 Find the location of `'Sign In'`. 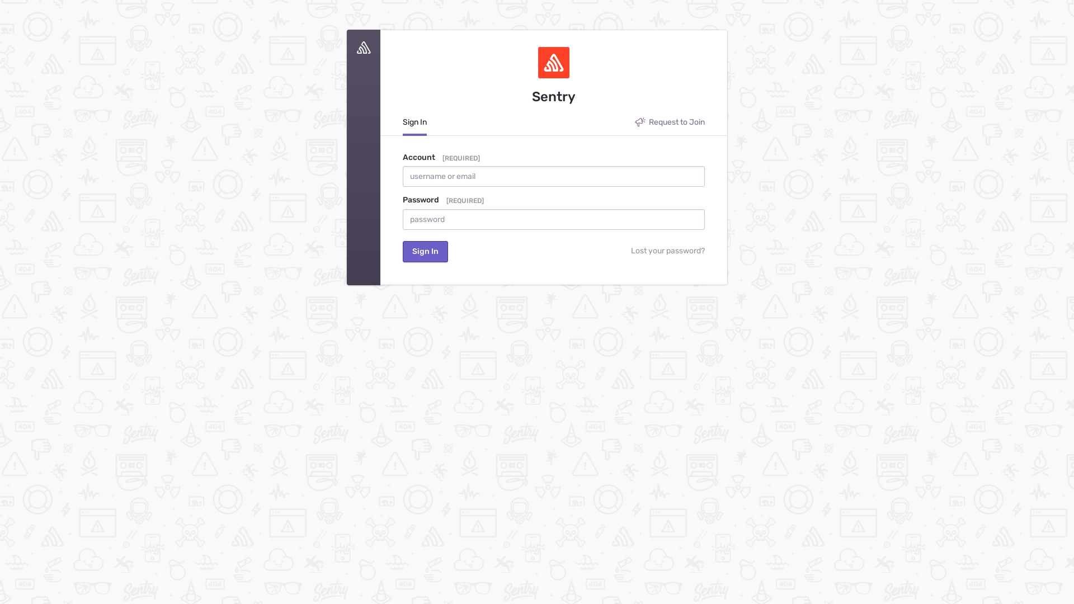

'Sign In' is located at coordinates (403, 126).